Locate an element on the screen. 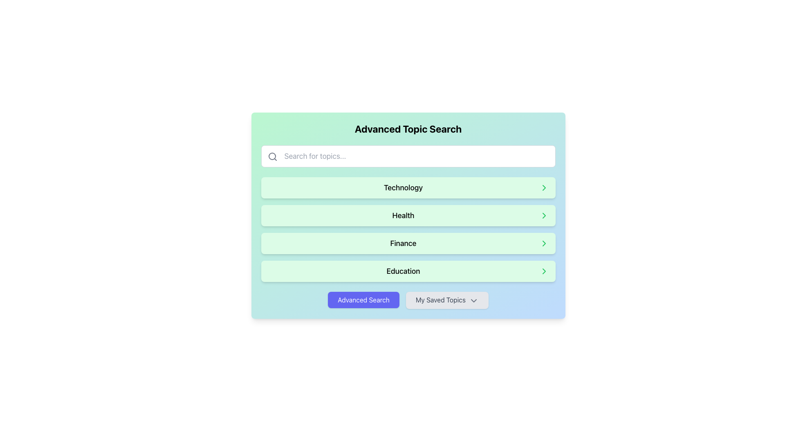  the arrow icon located at the far-right side of the 'Education' button is located at coordinates (544, 271).